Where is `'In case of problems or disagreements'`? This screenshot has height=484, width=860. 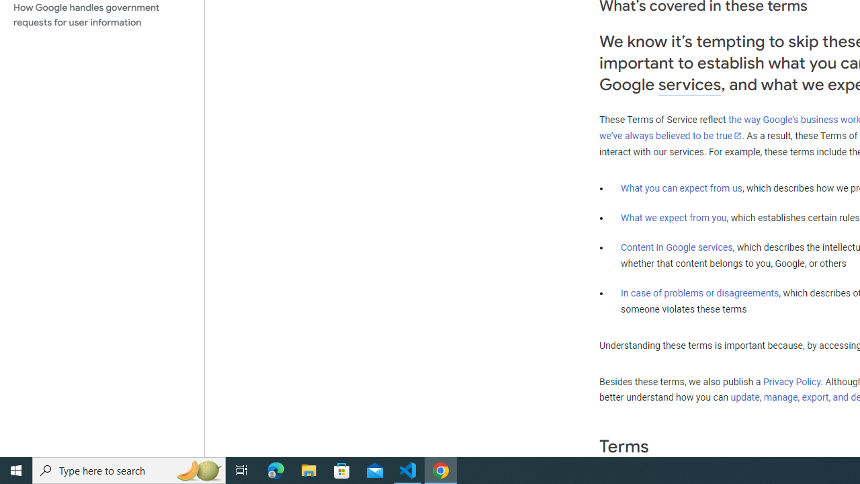
'In case of problems or disagreements' is located at coordinates (699, 292).